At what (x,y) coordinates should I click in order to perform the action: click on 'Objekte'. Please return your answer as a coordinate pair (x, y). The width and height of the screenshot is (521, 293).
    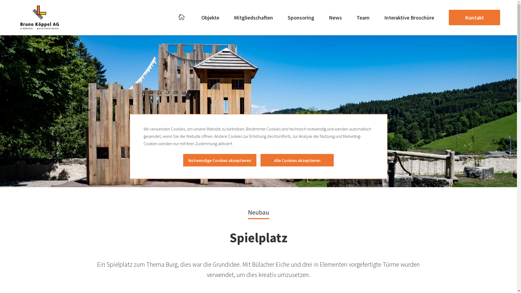
    Looking at the image, I should click on (210, 17).